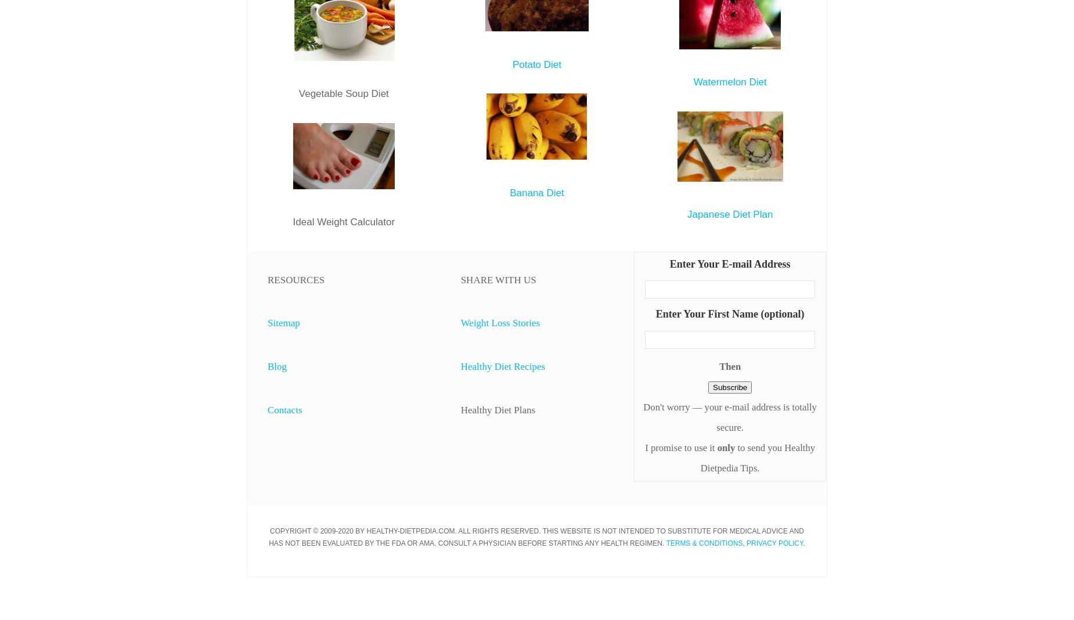 The width and height of the screenshot is (1074, 620). Describe the element at coordinates (284, 409) in the screenshot. I see `'Contacts'` at that location.